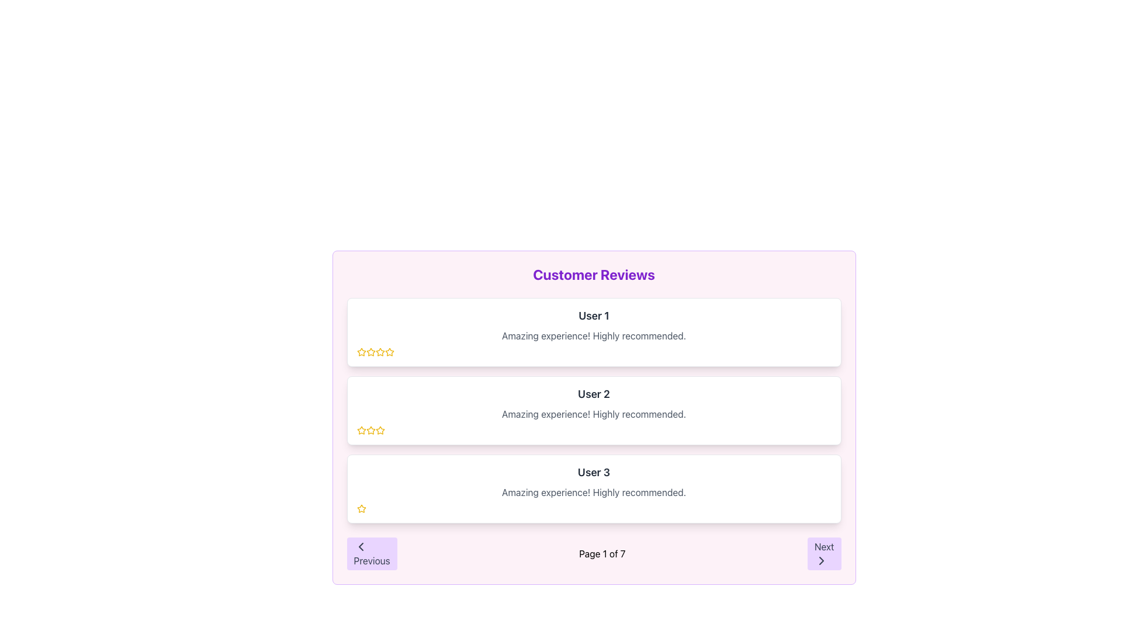 This screenshot has height=631, width=1122. I want to click on the third star icon in the first row of the 5-star rating system for 'User 1' review, so click(380, 351).